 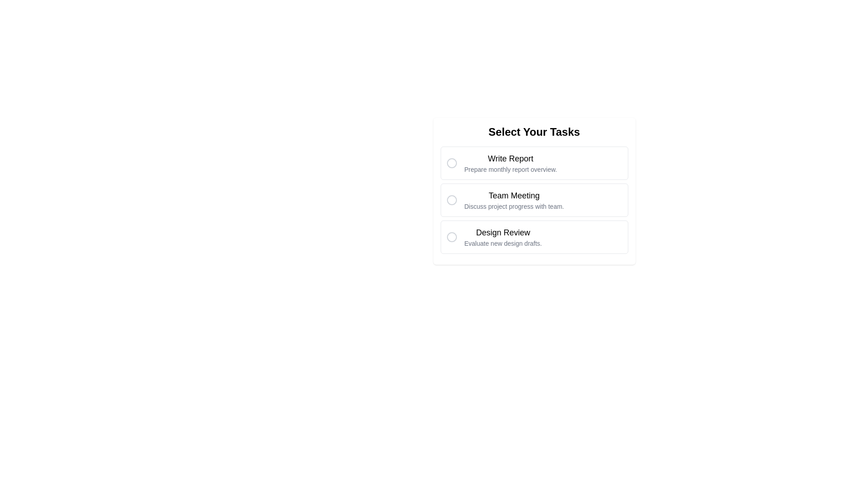 I want to click on the 'Design Review' label, which is the title of the third task in a vertically arranged list of tasks, displayed in a medium-sized, bold black font, so click(x=502, y=232).